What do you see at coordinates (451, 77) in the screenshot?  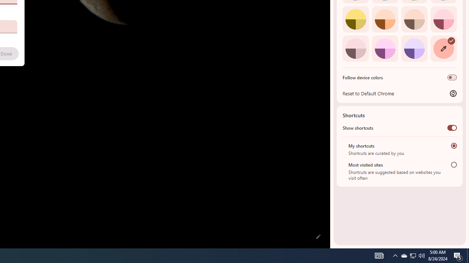 I see `'Follow device colors'` at bounding box center [451, 77].